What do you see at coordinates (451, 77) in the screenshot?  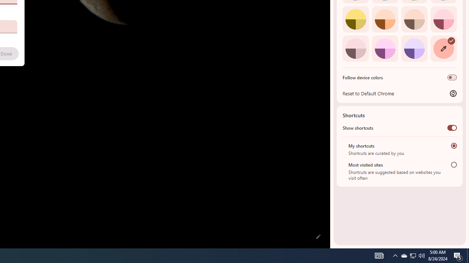 I see `'Follow device colors'` at bounding box center [451, 77].